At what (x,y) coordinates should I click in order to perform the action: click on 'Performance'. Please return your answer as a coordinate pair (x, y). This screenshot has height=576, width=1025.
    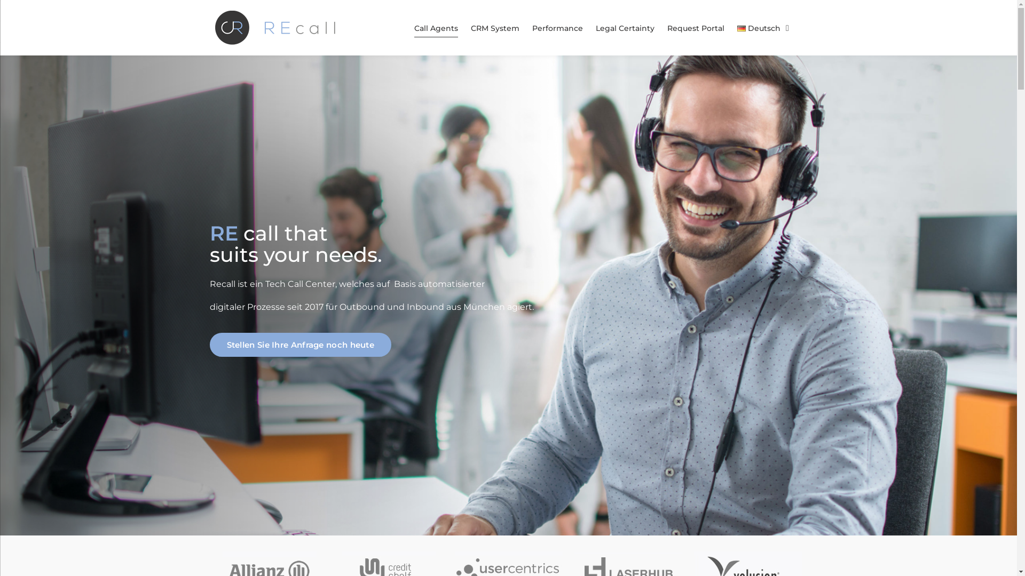
    Looking at the image, I should click on (557, 28).